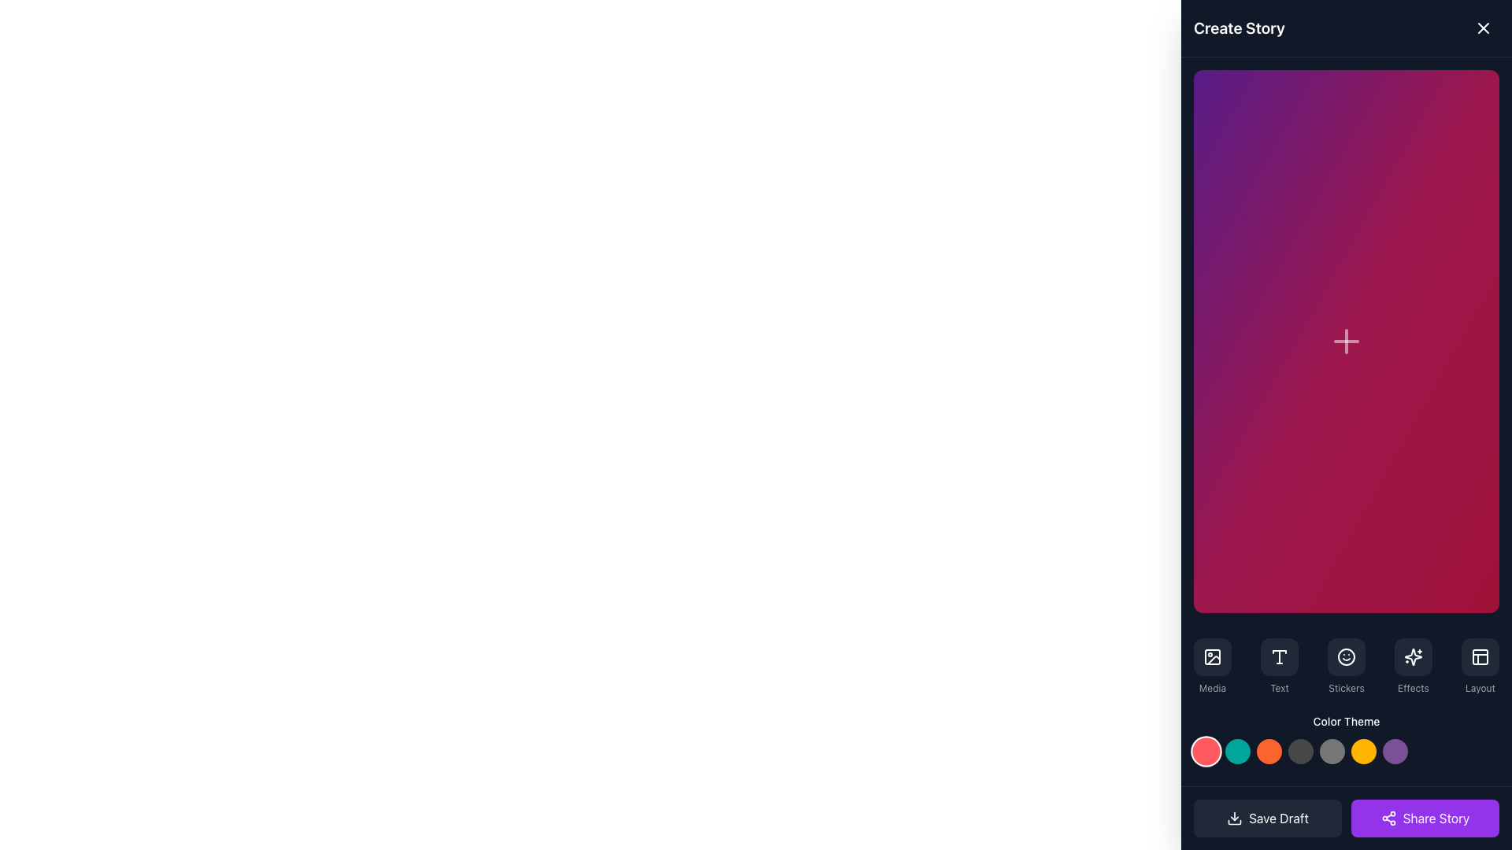  I want to click on the first button in the 'Media' section of the bottom toolbar, so click(1212, 656).